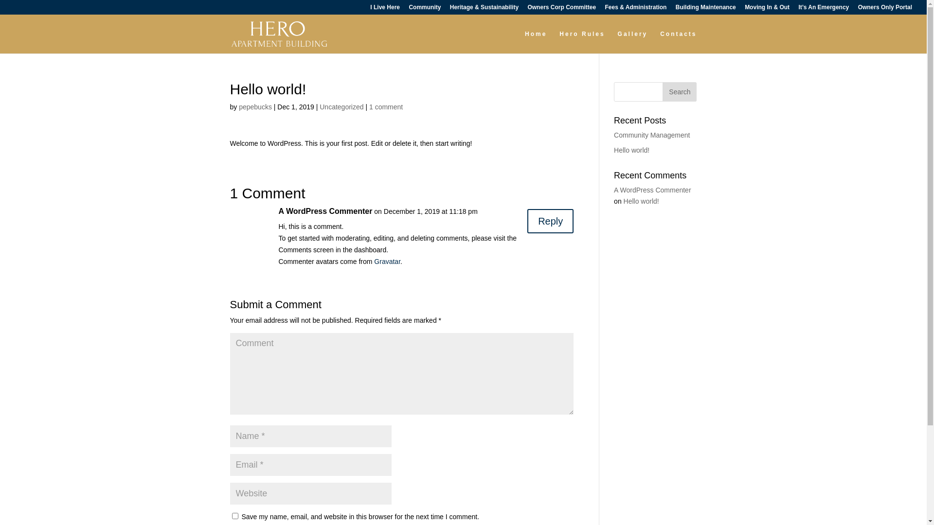  Describe the element at coordinates (385, 106) in the screenshot. I see `'1 comment'` at that location.